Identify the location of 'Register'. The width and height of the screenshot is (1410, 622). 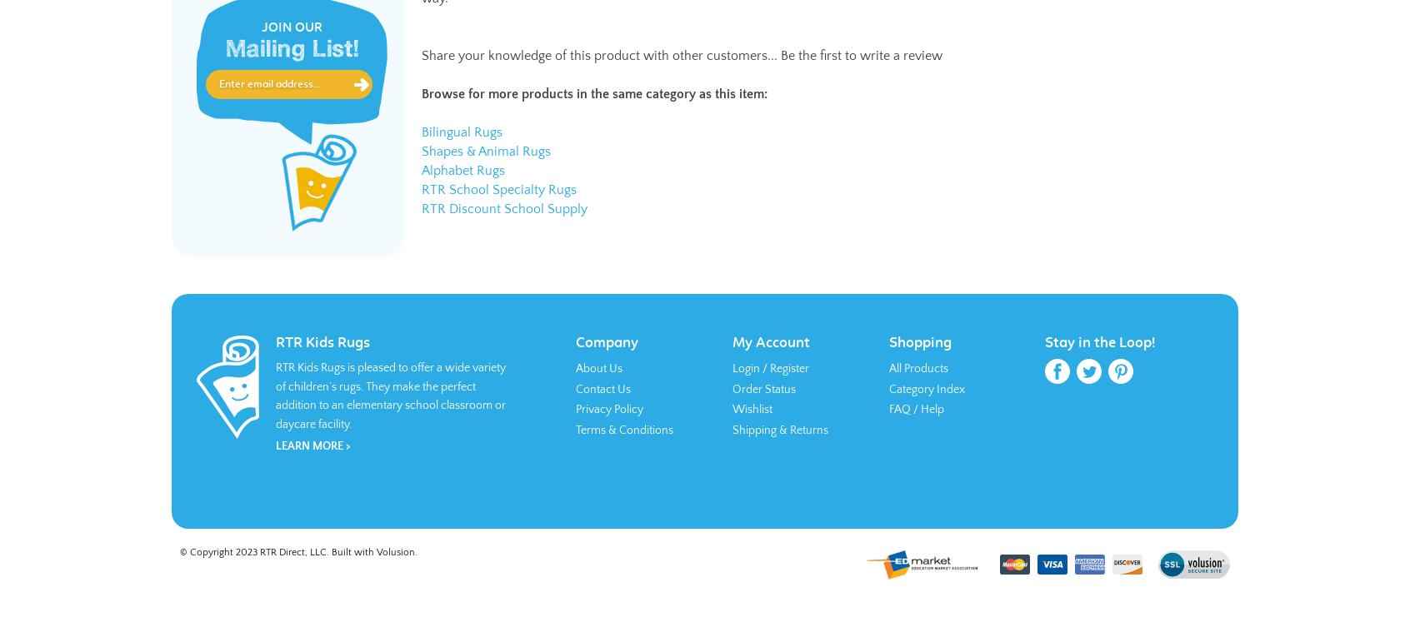
(789, 368).